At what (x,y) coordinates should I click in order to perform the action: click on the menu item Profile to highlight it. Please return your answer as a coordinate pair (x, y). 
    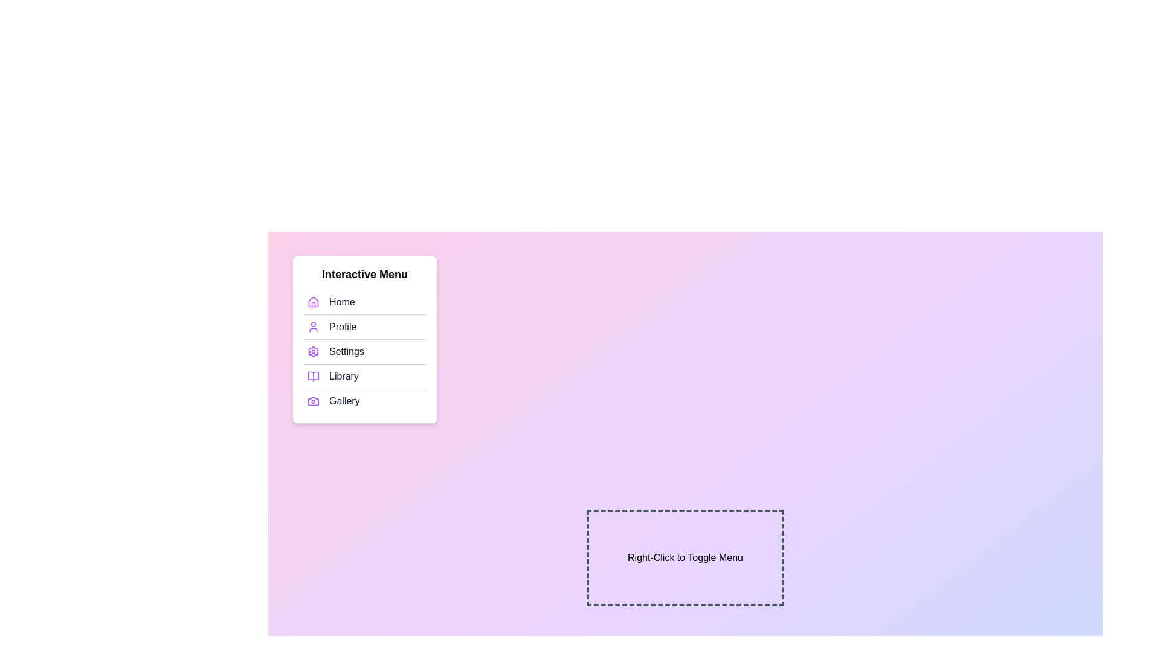
    Looking at the image, I should click on (364, 326).